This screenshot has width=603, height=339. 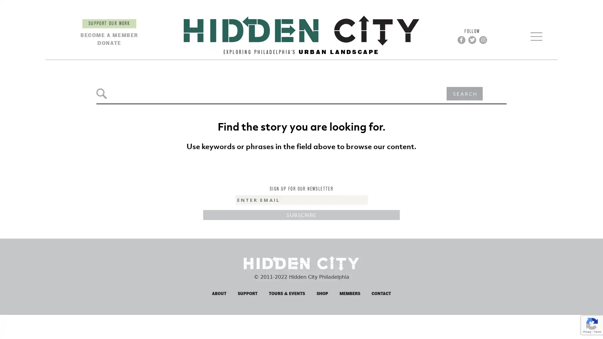 I want to click on SEARCH, so click(x=464, y=27).